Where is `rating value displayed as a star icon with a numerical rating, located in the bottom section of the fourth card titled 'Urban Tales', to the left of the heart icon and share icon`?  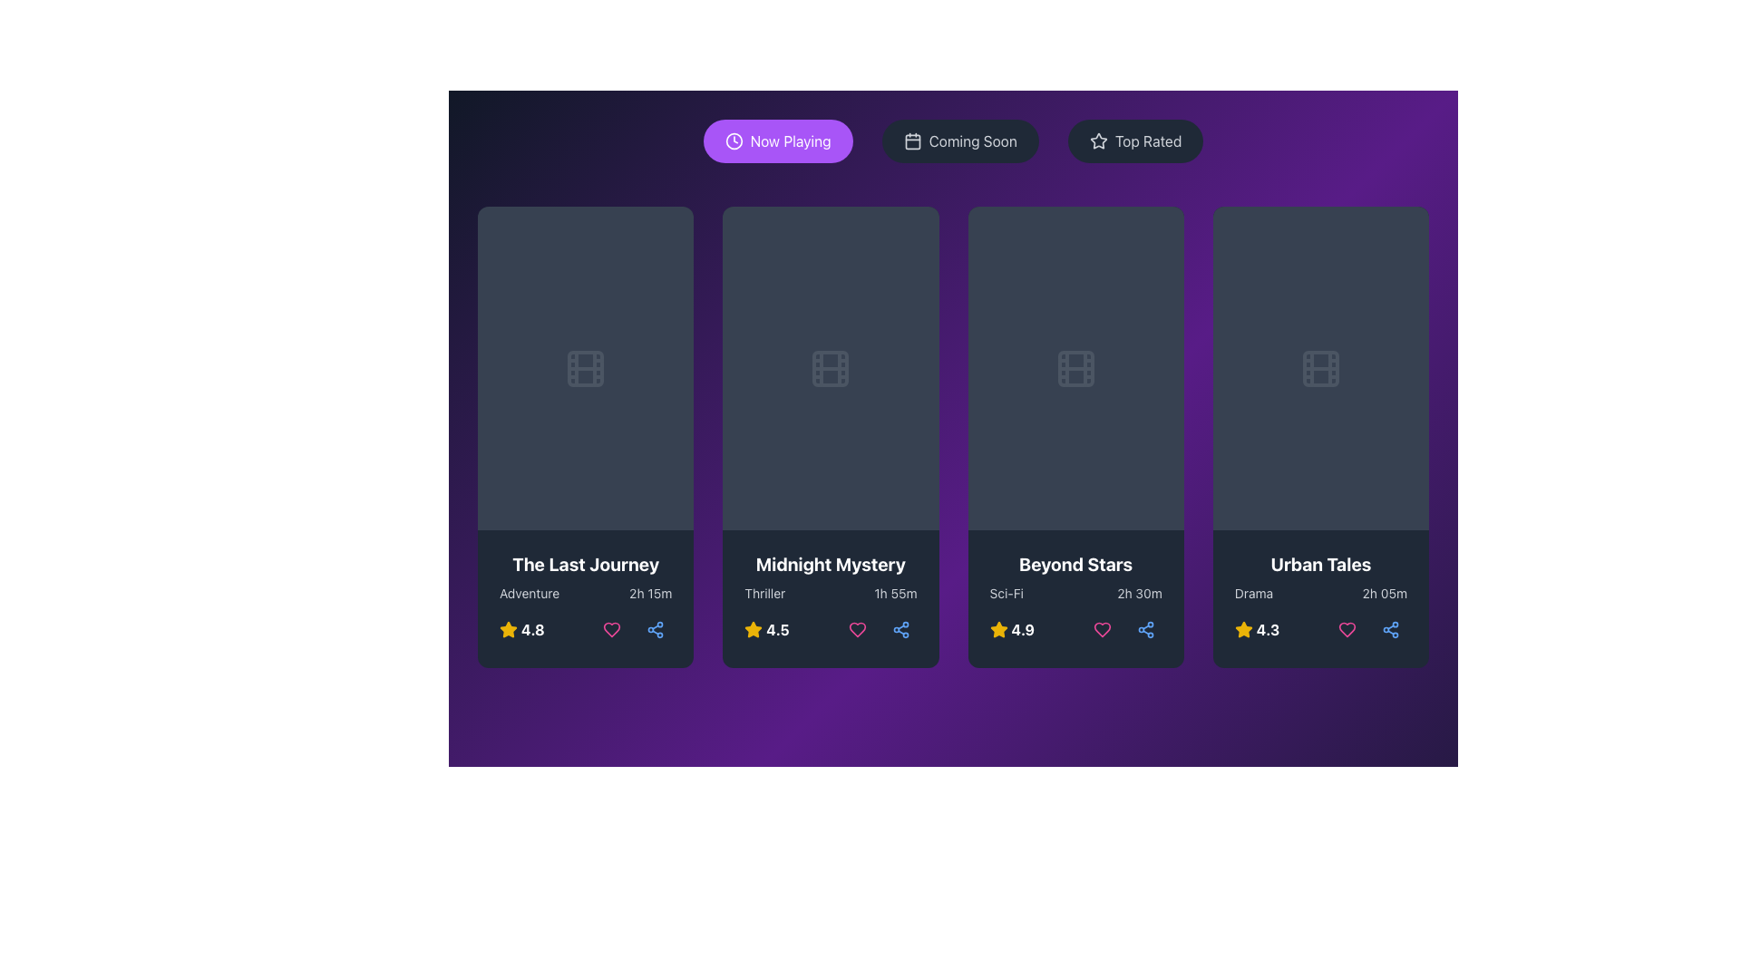 rating value displayed as a star icon with a numerical rating, located in the bottom section of the fourth card titled 'Urban Tales', to the left of the heart icon and share icon is located at coordinates (1256, 629).